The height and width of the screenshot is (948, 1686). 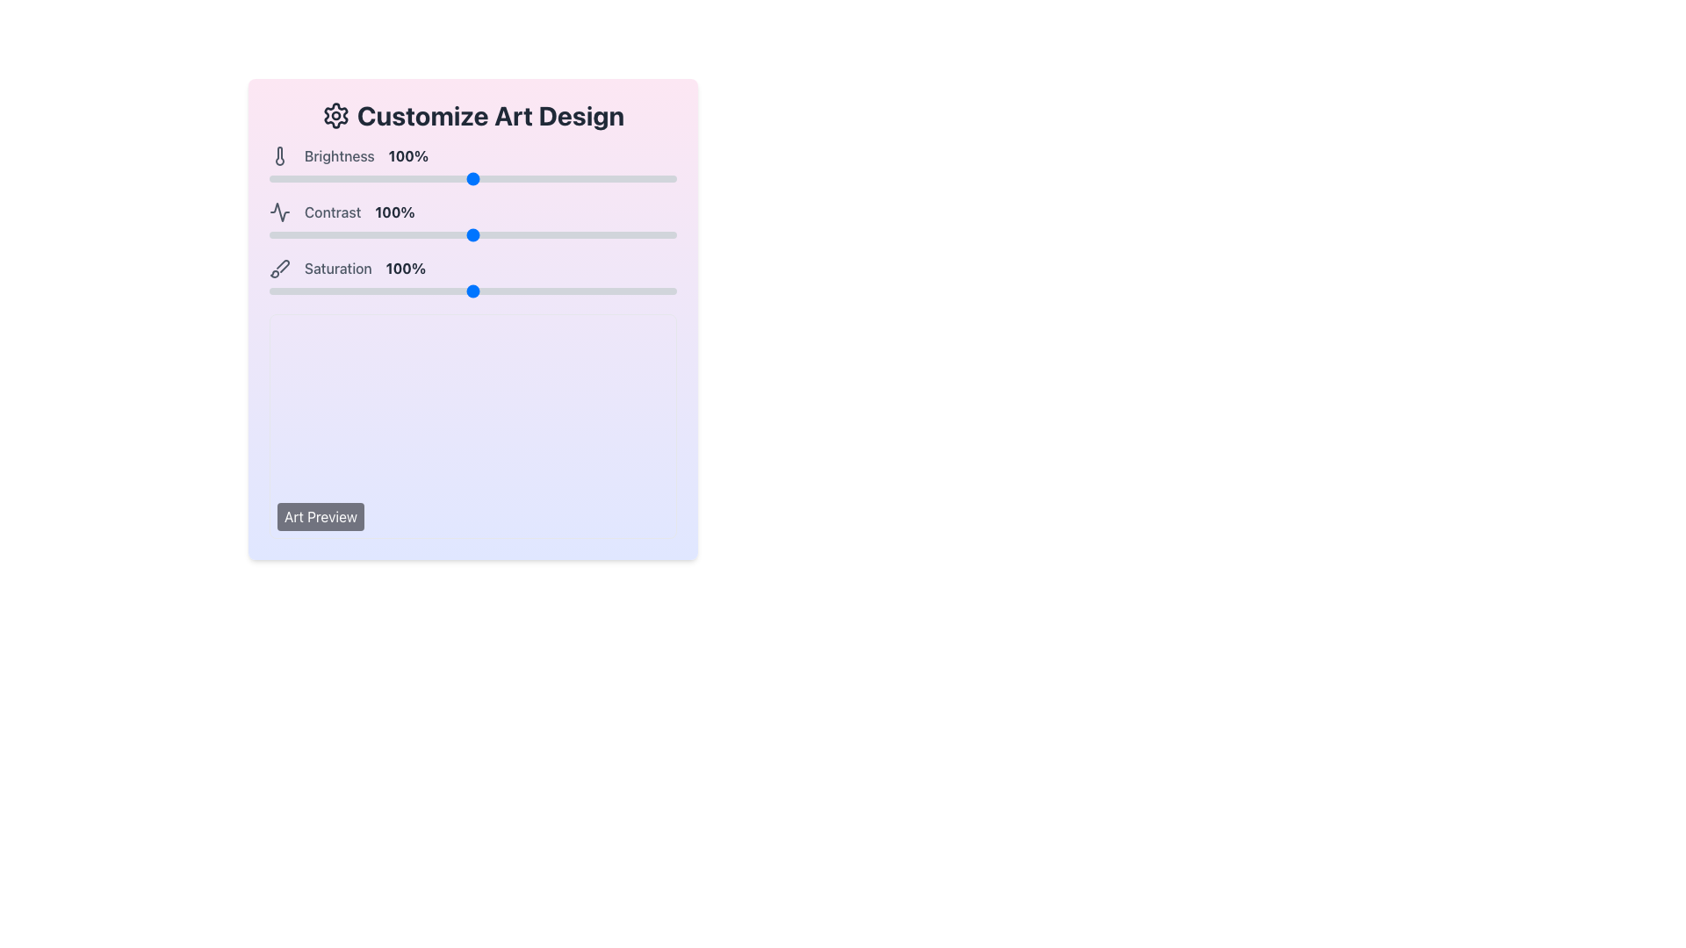 What do you see at coordinates (605, 179) in the screenshot?
I see `the brightness level` at bounding box center [605, 179].